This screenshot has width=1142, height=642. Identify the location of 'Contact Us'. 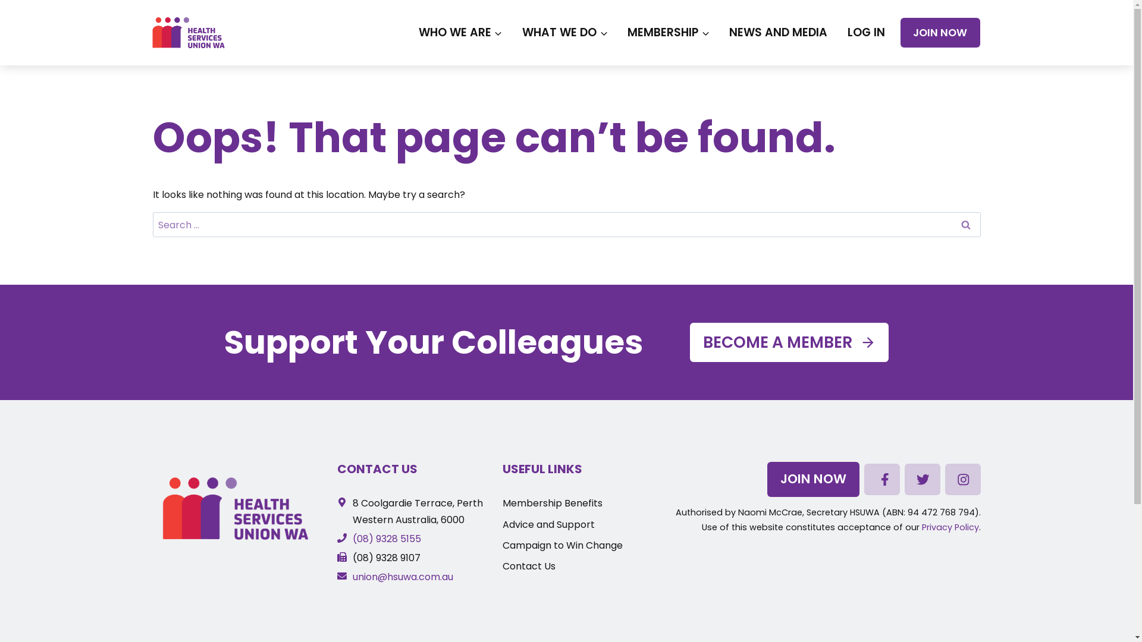
(528, 565).